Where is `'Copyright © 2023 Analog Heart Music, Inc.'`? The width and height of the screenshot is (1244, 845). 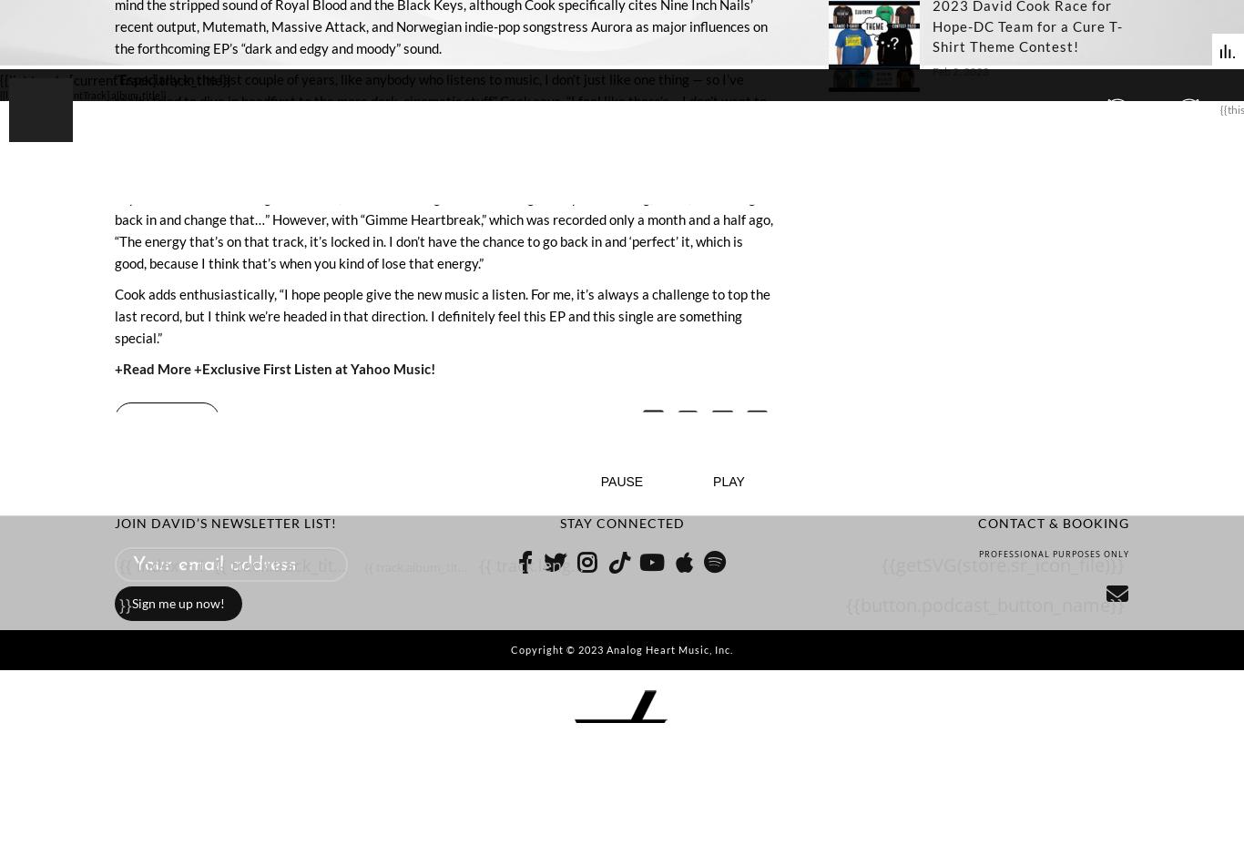
'Copyright © 2023 Analog Heart Music, Inc.' is located at coordinates (622, 648).